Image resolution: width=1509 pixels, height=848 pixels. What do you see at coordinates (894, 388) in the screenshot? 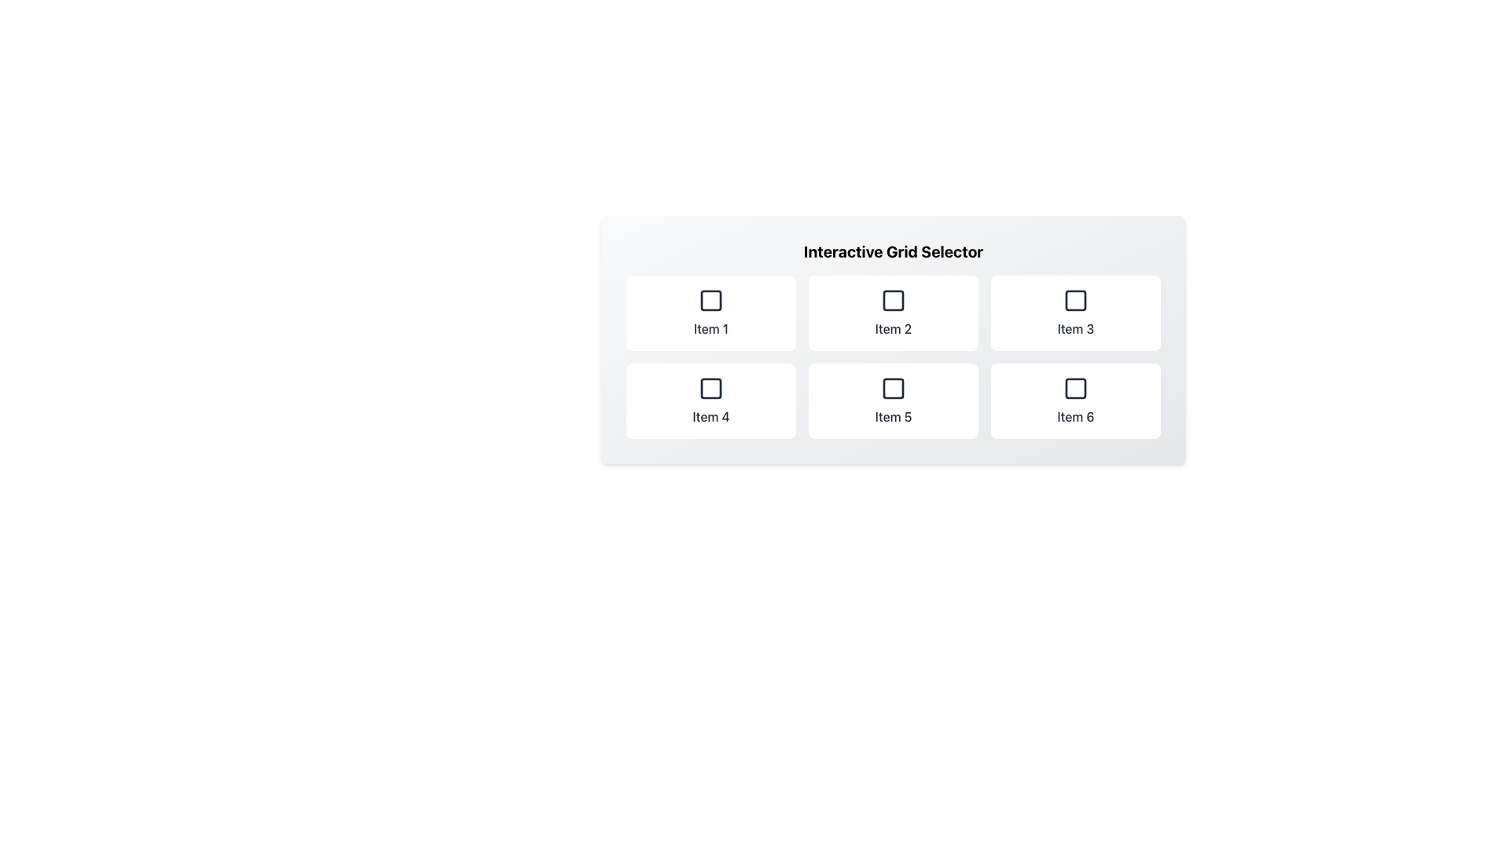
I see `the square outline icon centered within the item box labeled 'Item 5' for selection` at bounding box center [894, 388].